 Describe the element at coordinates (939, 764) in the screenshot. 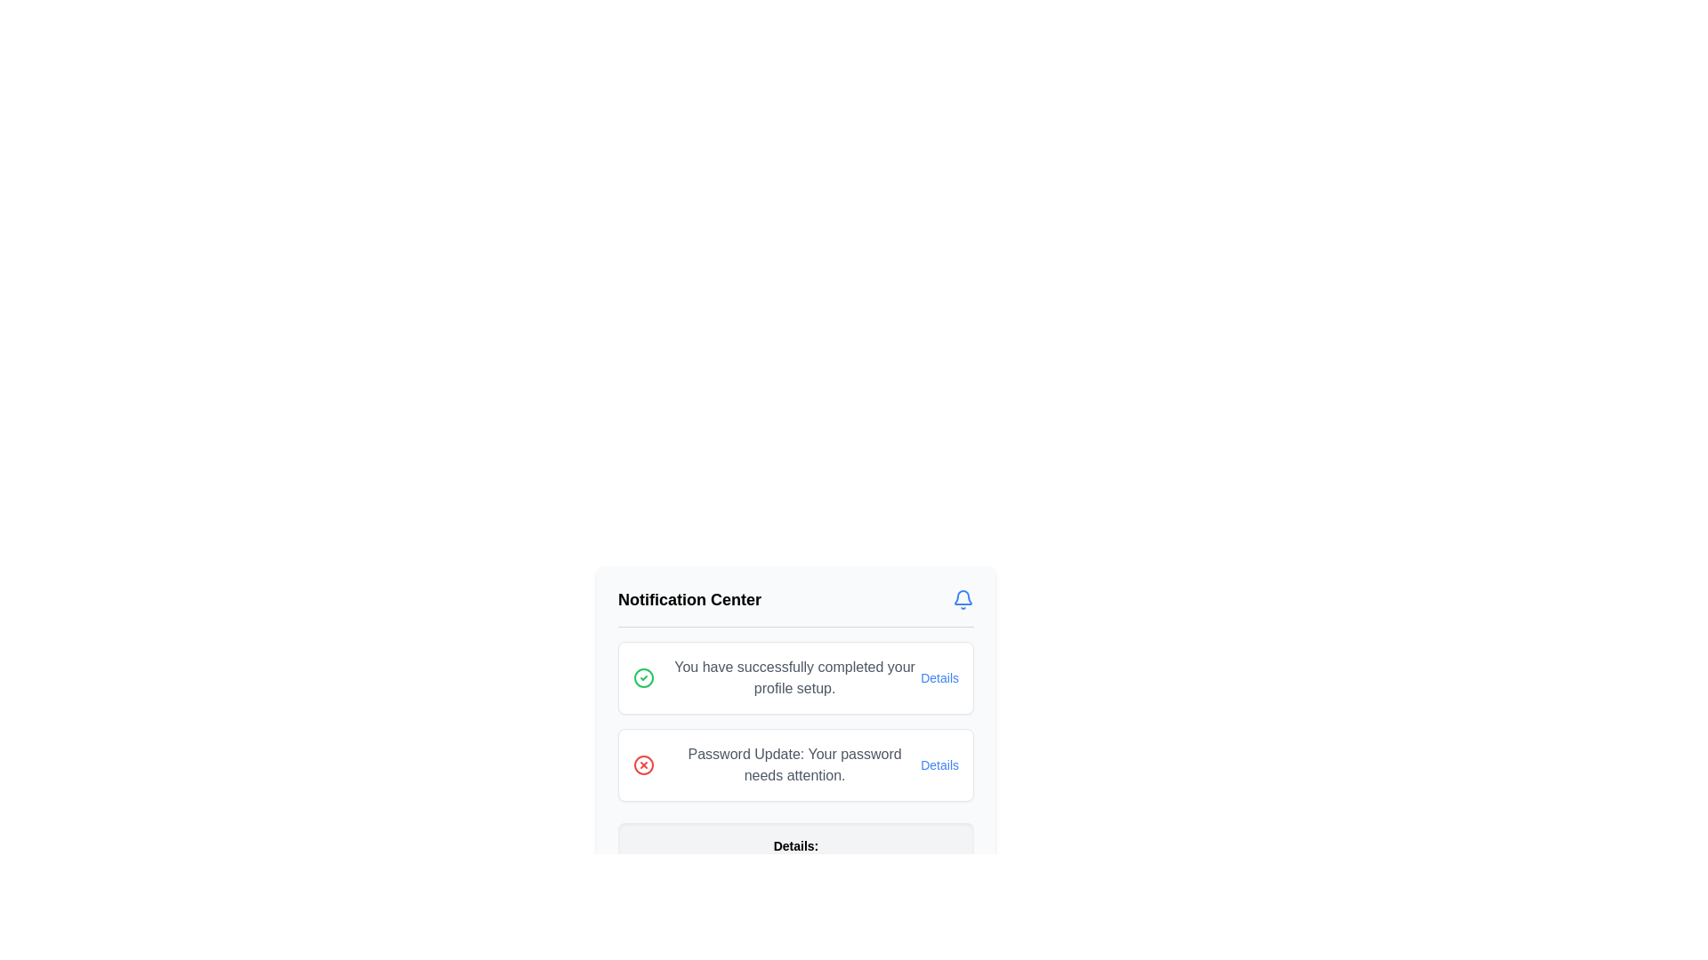

I see `the 'Details' interactive link which is styled with blue text and has an underline effect on hover` at that location.